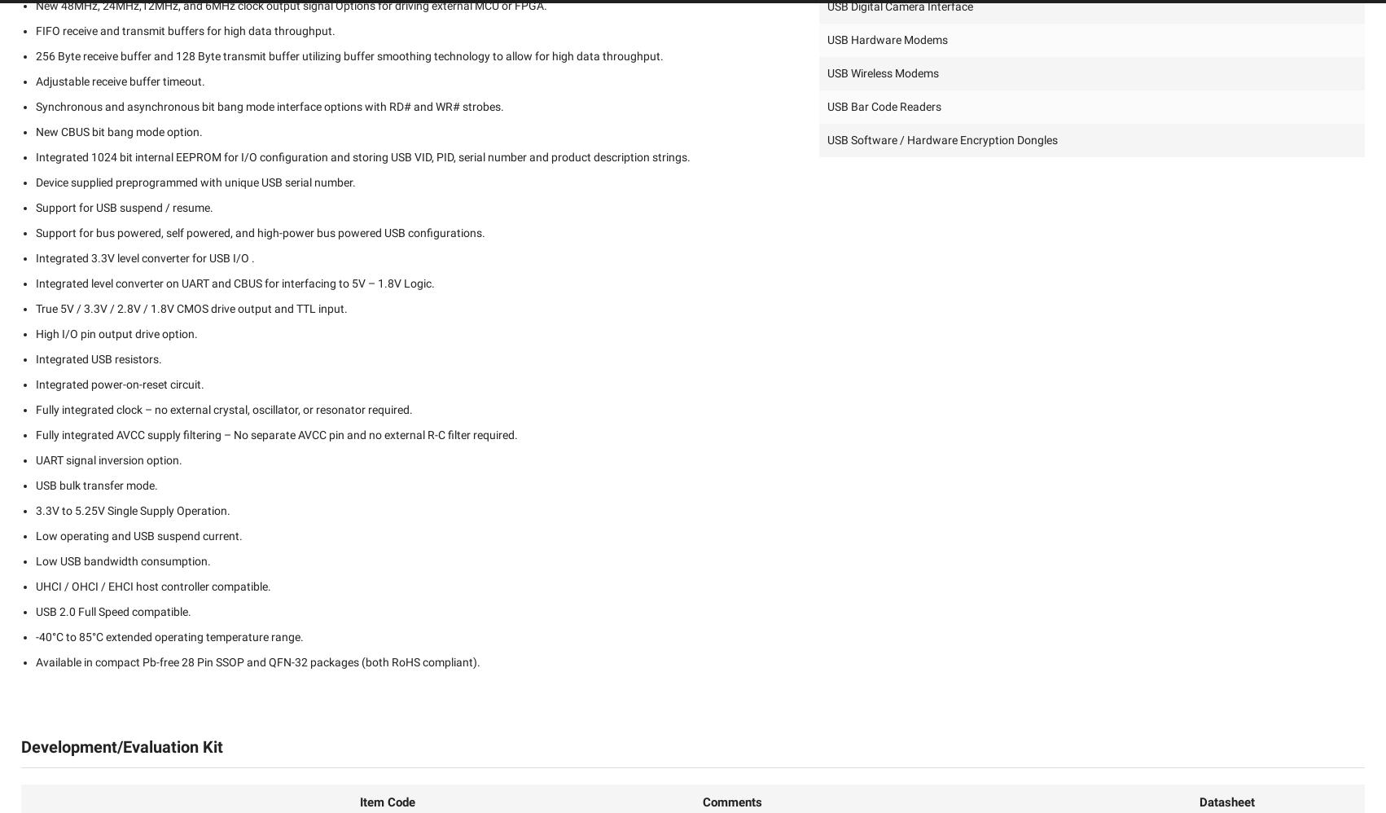 The height and width of the screenshot is (813, 1386). What do you see at coordinates (121, 746) in the screenshot?
I see `'Development/Evaluation Kit'` at bounding box center [121, 746].